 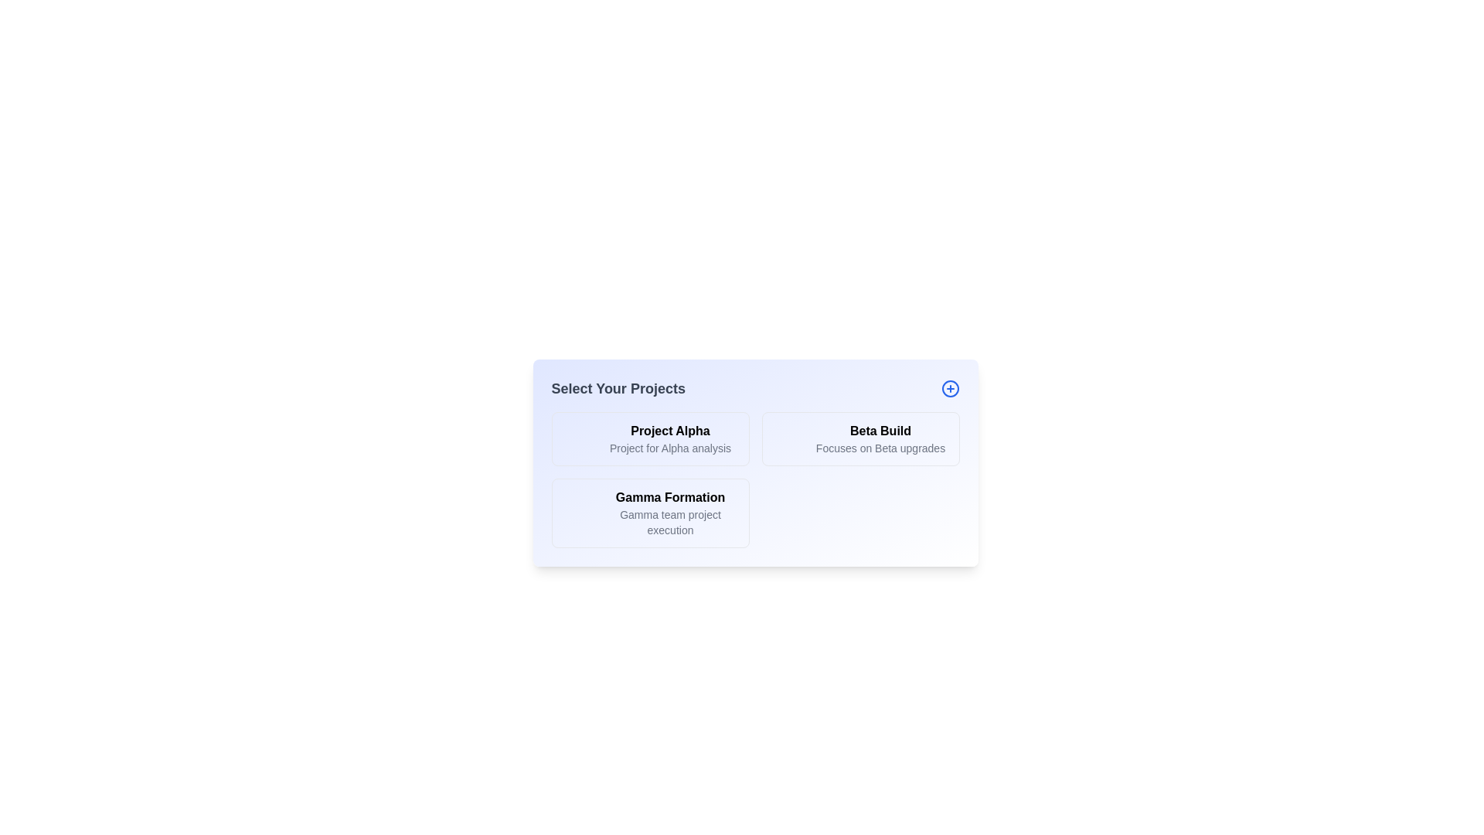 I want to click on the 'Add New' button located in the upper-right corner of the 'Select Your Projects' card, so click(x=949, y=387).